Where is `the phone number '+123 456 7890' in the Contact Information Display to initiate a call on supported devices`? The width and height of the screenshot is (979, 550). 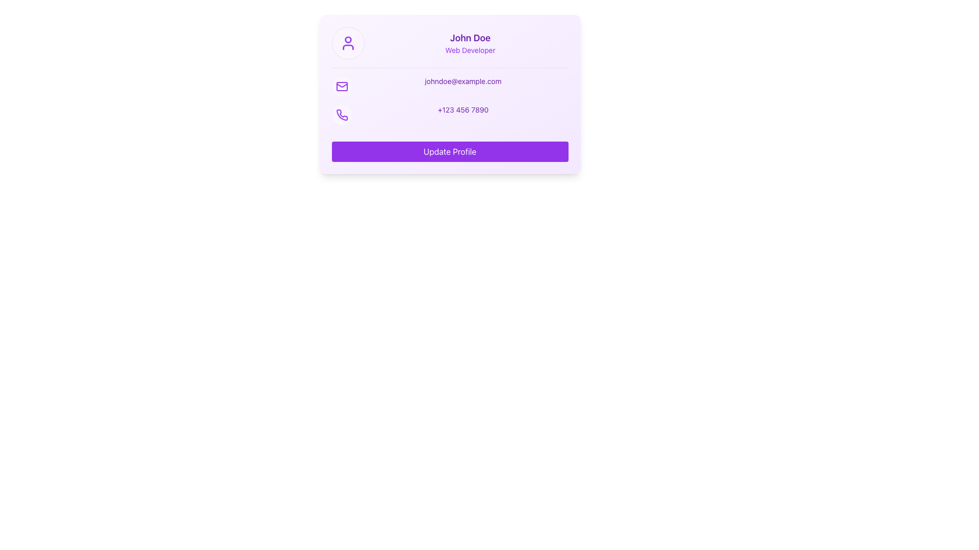 the phone number '+123 456 7890' in the Contact Information Display to initiate a call on supported devices is located at coordinates (449, 100).